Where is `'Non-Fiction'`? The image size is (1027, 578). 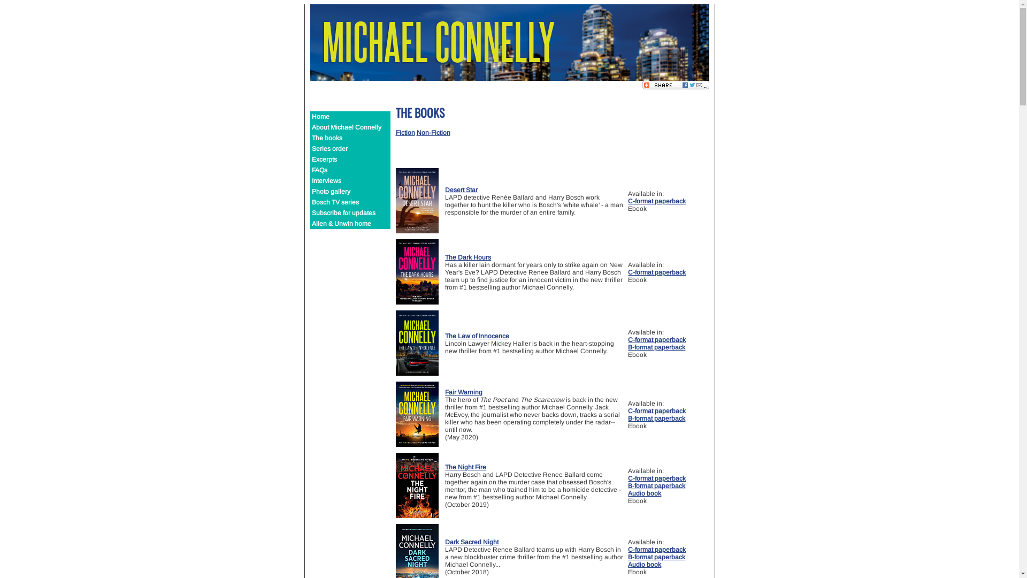
'Non-Fiction' is located at coordinates (415, 132).